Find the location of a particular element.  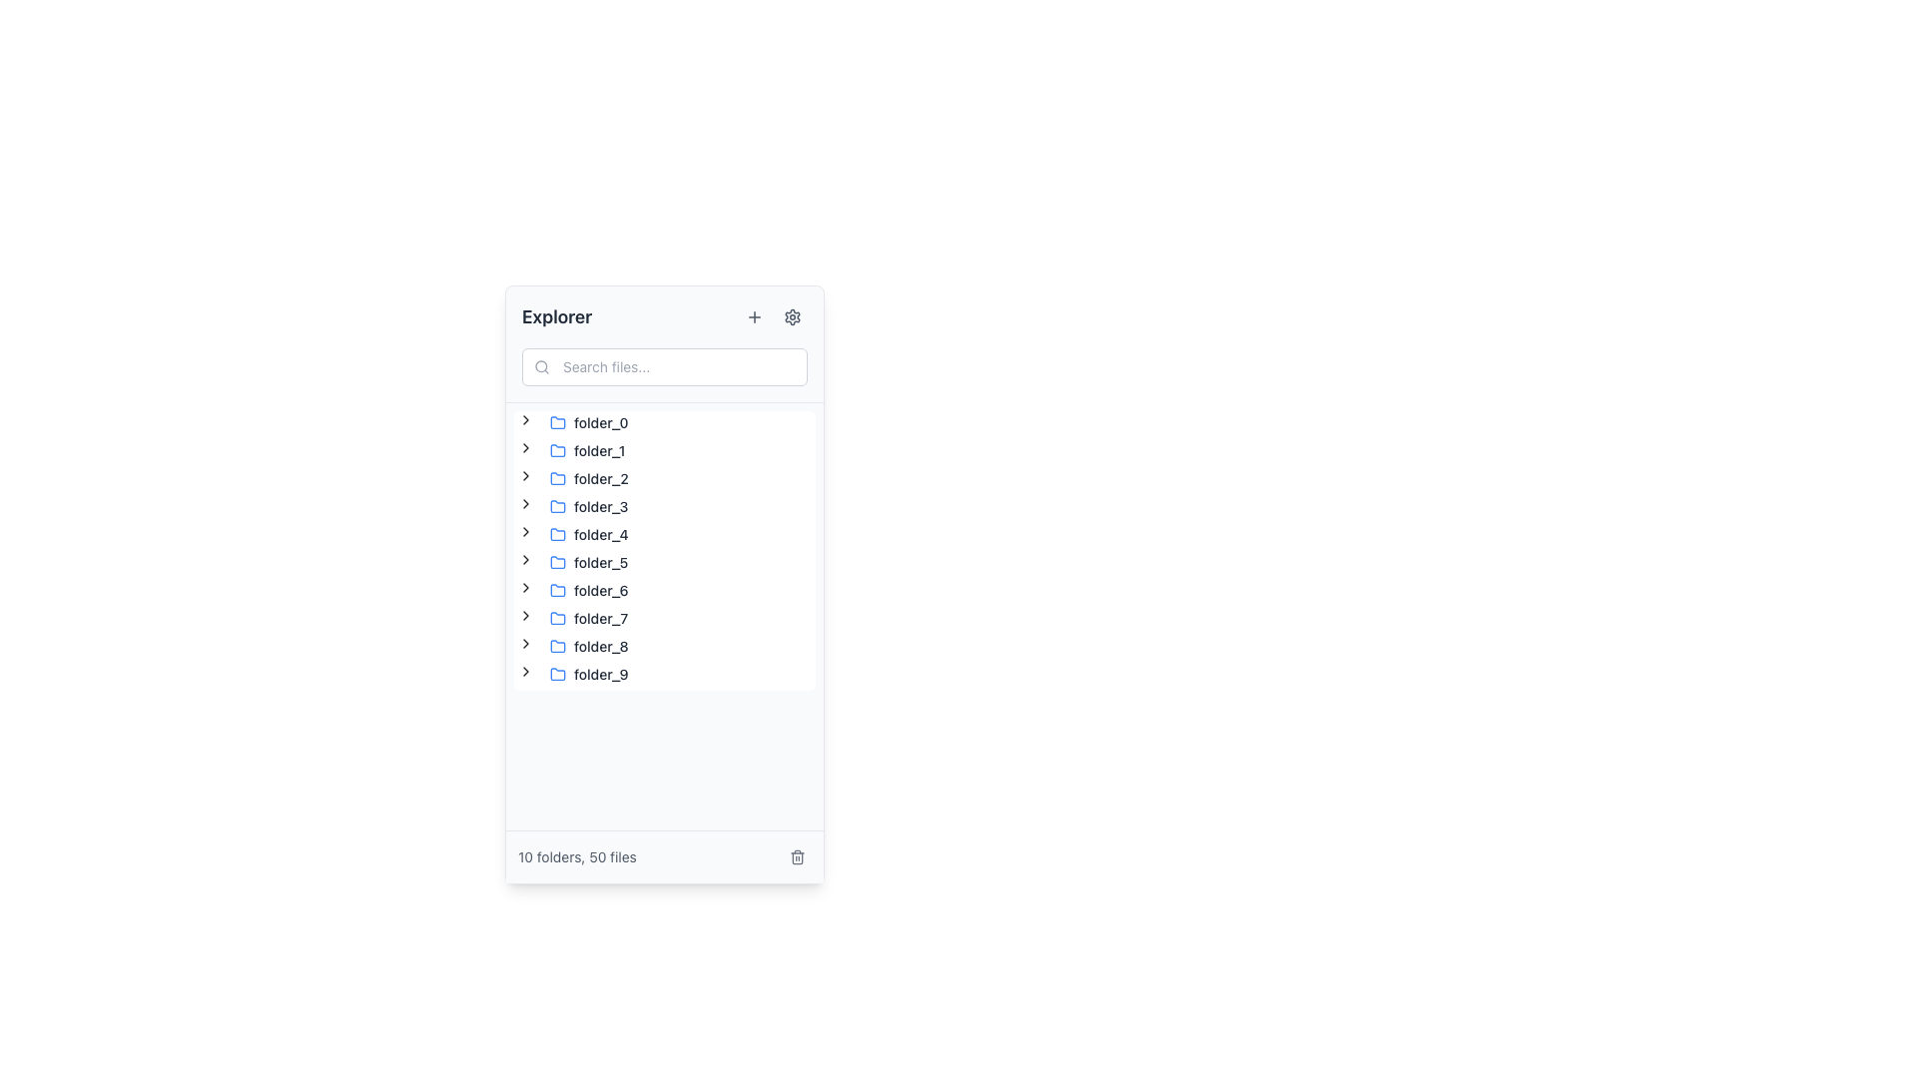

the Chevron icon located next to the folder labeled 'folder_0' is located at coordinates (526, 418).